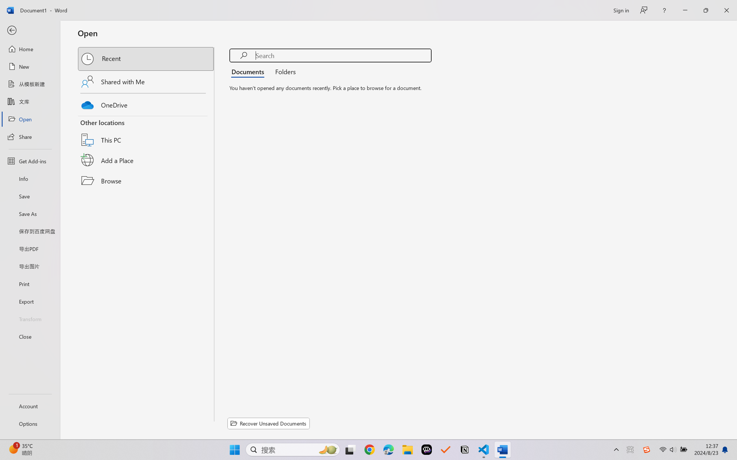 The height and width of the screenshot is (460, 737). I want to click on 'Documents', so click(249, 71).